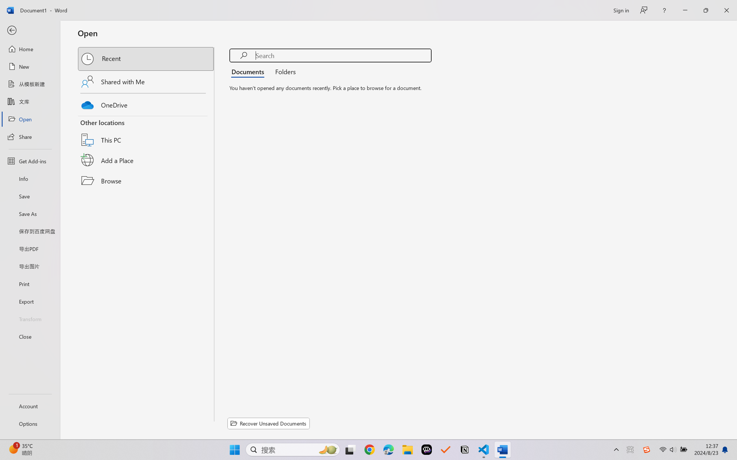 The height and width of the screenshot is (460, 737). I want to click on 'Documents', so click(249, 71).